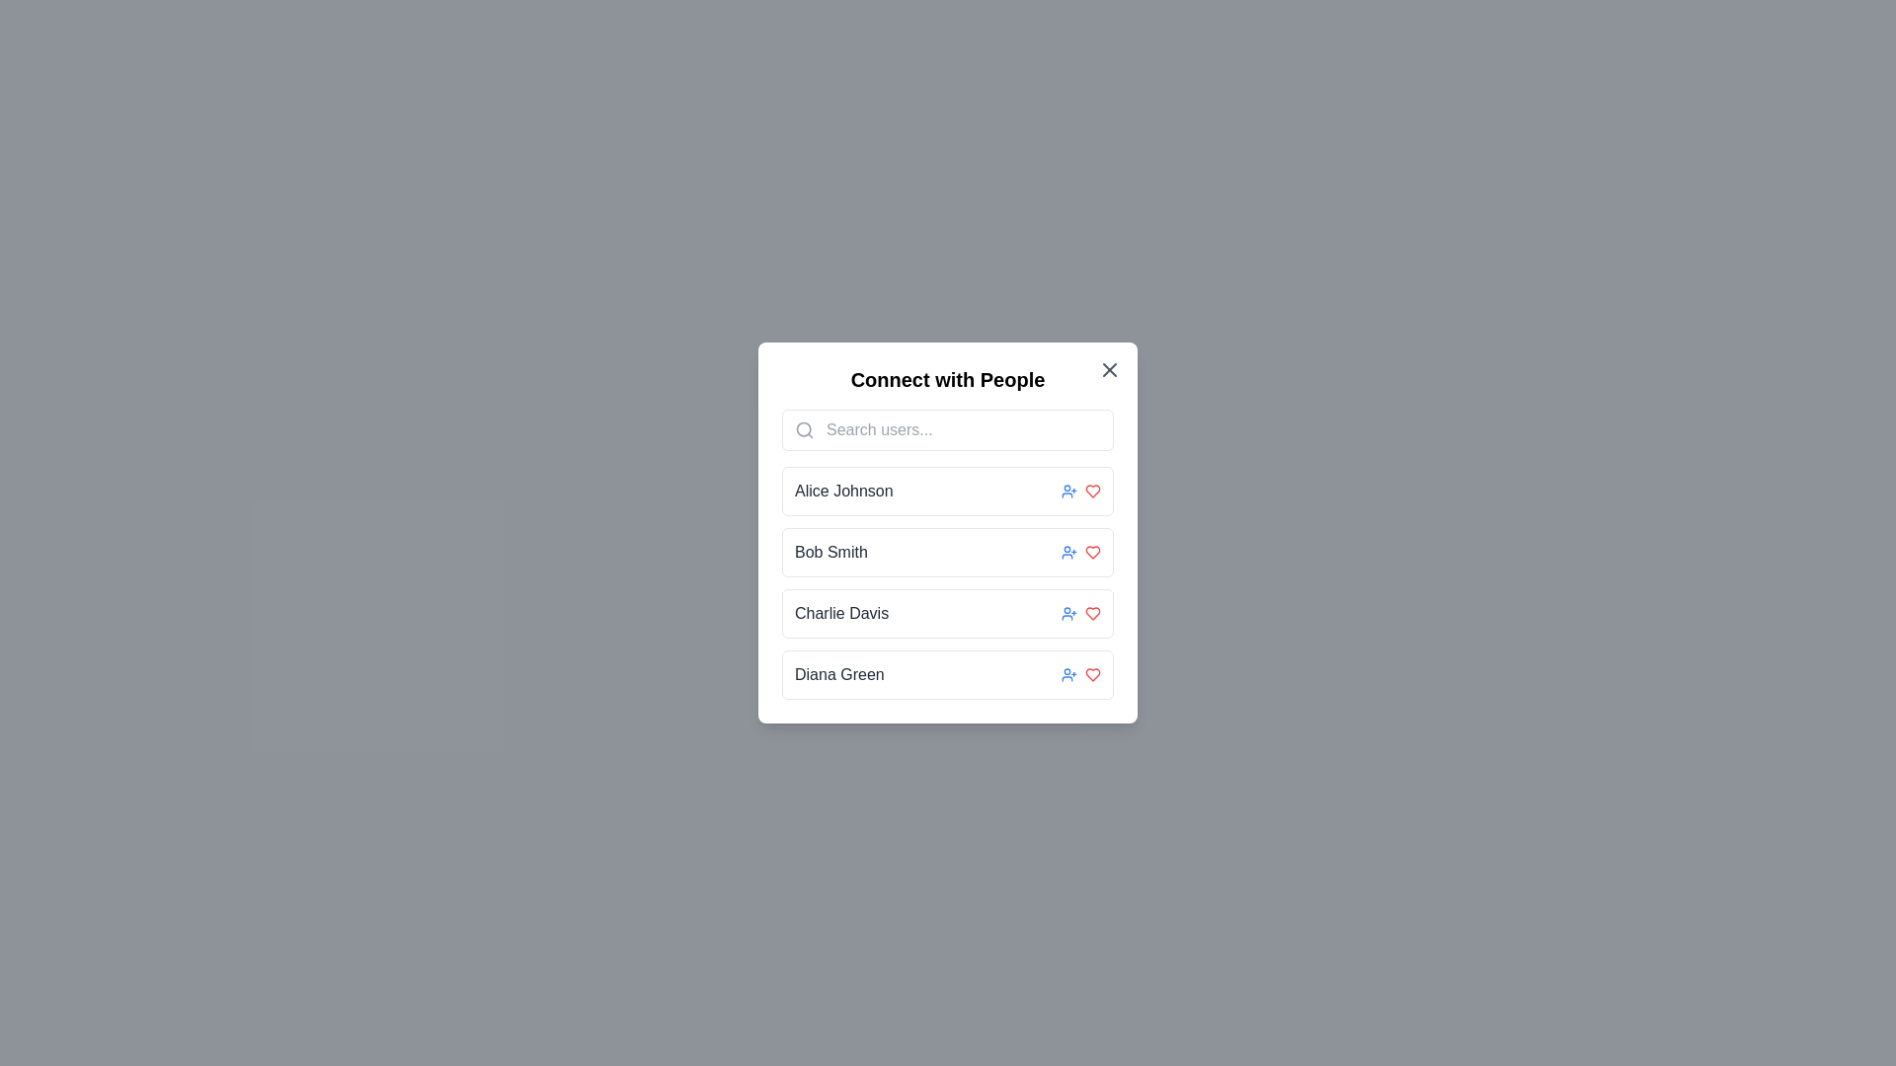 The width and height of the screenshot is (1896, 1066). Describe the element at coordinates (1068, 612) in the screenshot. I see `the small blue icon resembling a person with a plus sign located to the right of 'Charlie Davis' in the third row of the list within the modal` at that location.